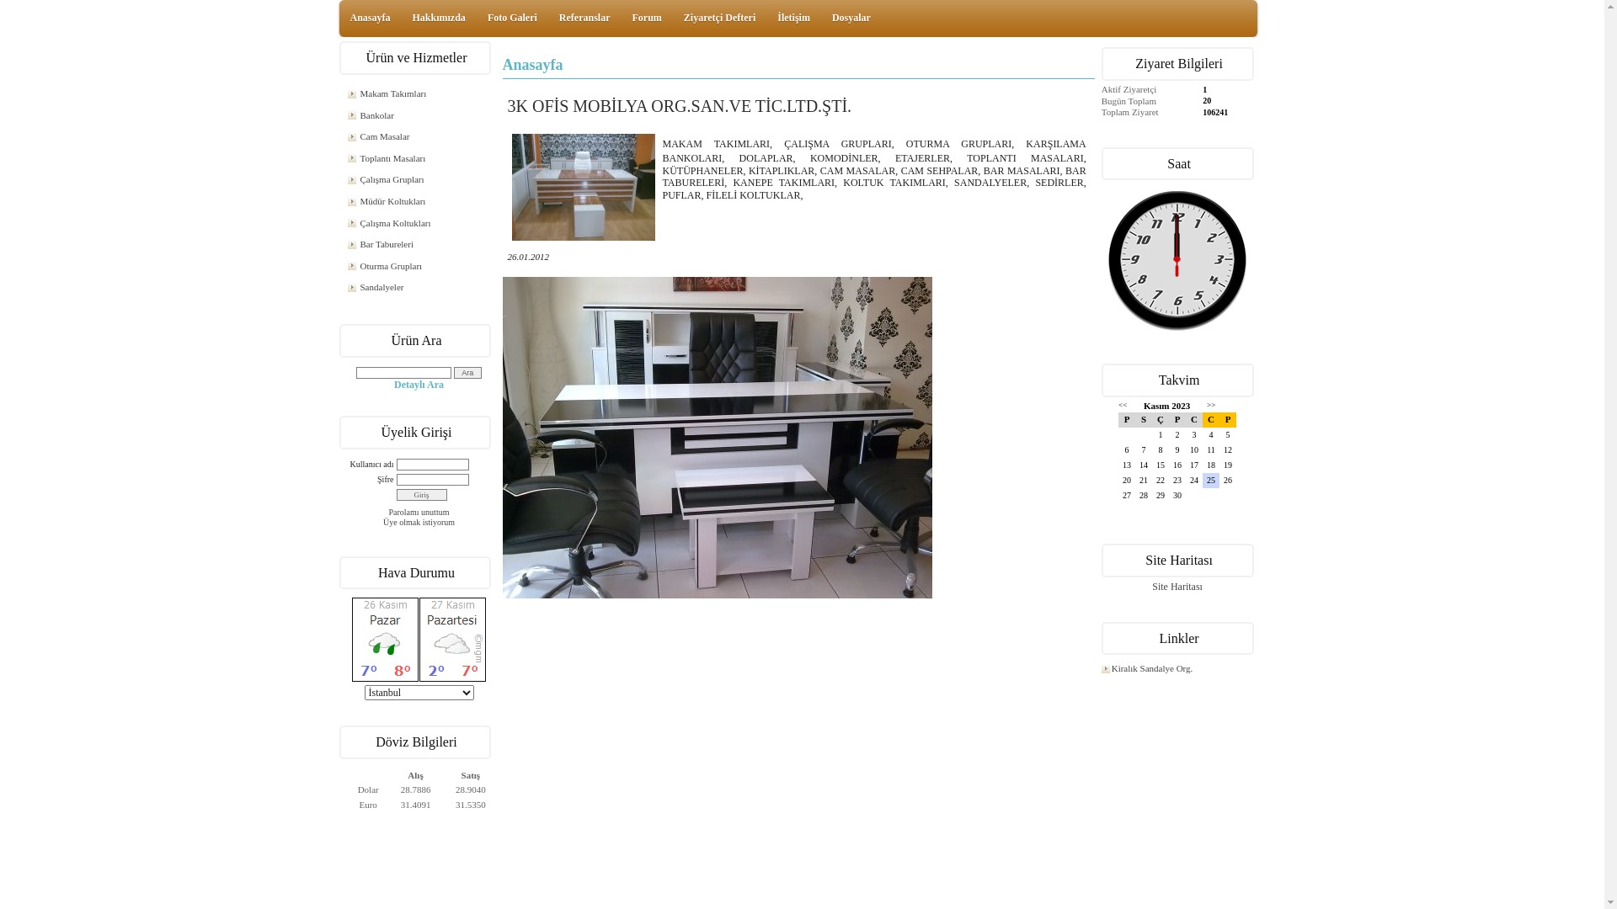 The height and width of the screenshot is (909, 1617). Describe the element at coordinates (1127, 495) in the screenshot. I see `'27'` at that location.